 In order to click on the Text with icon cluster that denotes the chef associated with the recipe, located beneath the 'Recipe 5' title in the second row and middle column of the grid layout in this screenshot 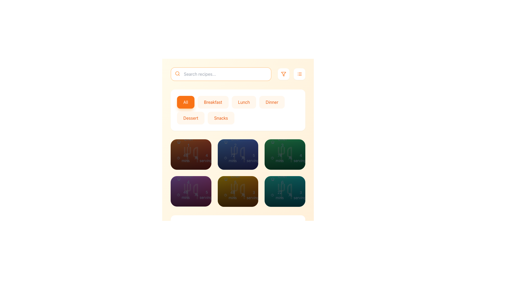, I will do `click(232, 179)`.